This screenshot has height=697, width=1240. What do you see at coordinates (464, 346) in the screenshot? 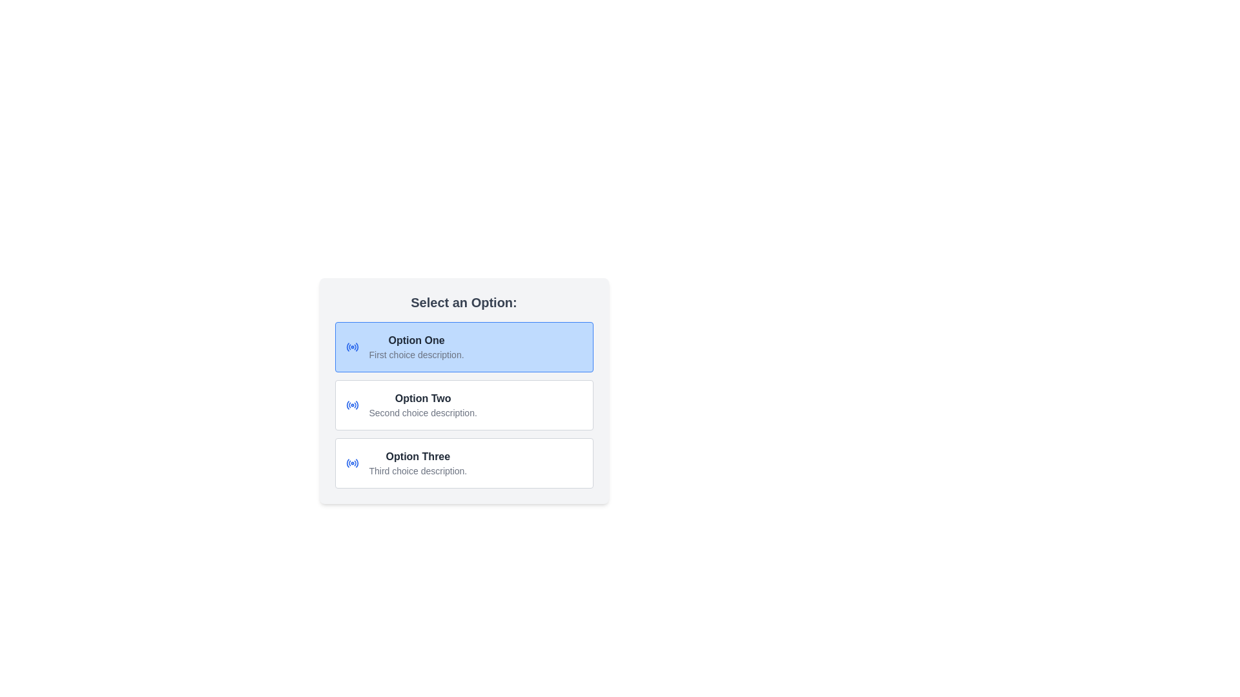
I see `the 'Option One' radio button in the selection group` at bounding box center [464, 346].